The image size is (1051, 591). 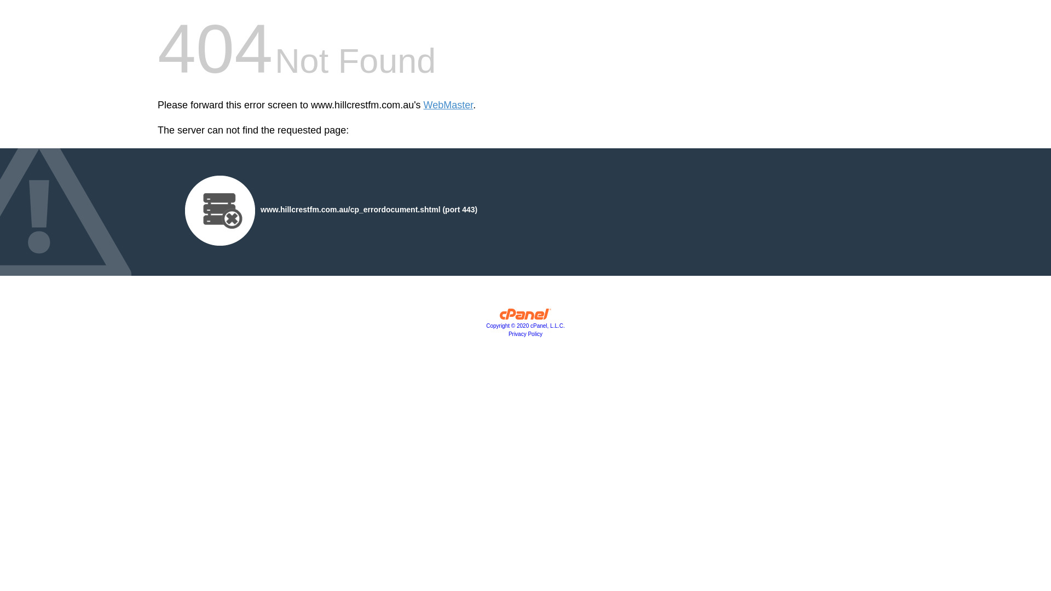 I want to click on 'WebMaster', so click(x=448, y=105).